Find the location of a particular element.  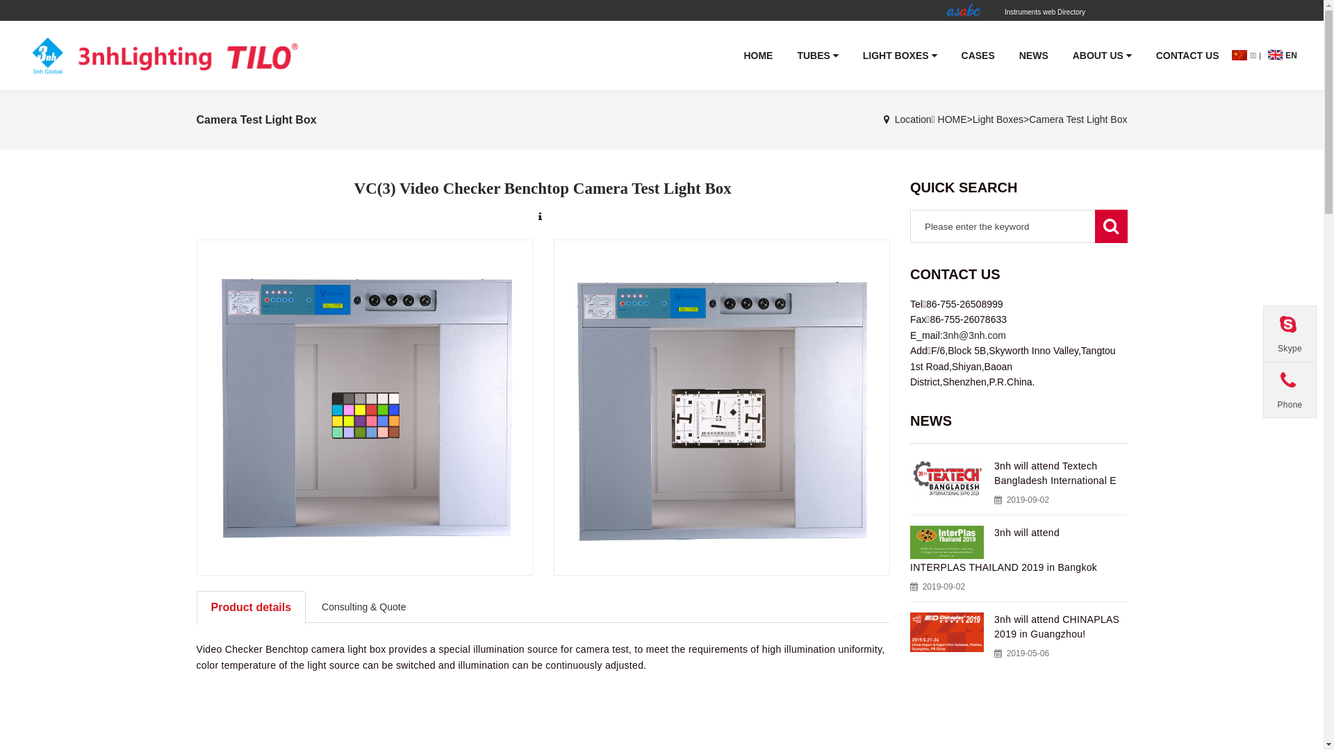

'Skype' is located at coordinates (1264, 334).